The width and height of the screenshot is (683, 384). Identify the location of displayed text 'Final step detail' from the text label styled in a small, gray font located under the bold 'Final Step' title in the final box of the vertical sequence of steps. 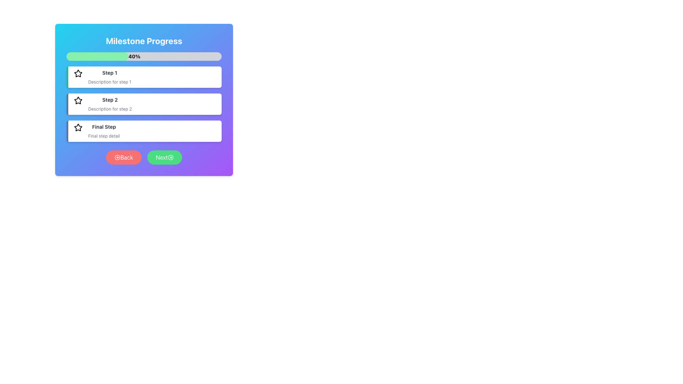
(104, 136).